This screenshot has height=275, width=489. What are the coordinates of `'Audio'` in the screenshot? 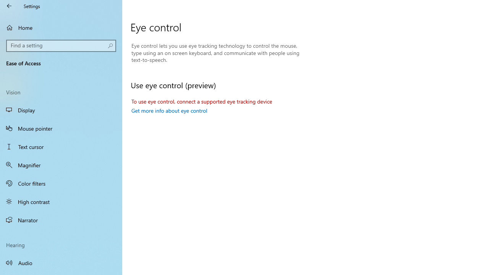 It's located at (61, 262).